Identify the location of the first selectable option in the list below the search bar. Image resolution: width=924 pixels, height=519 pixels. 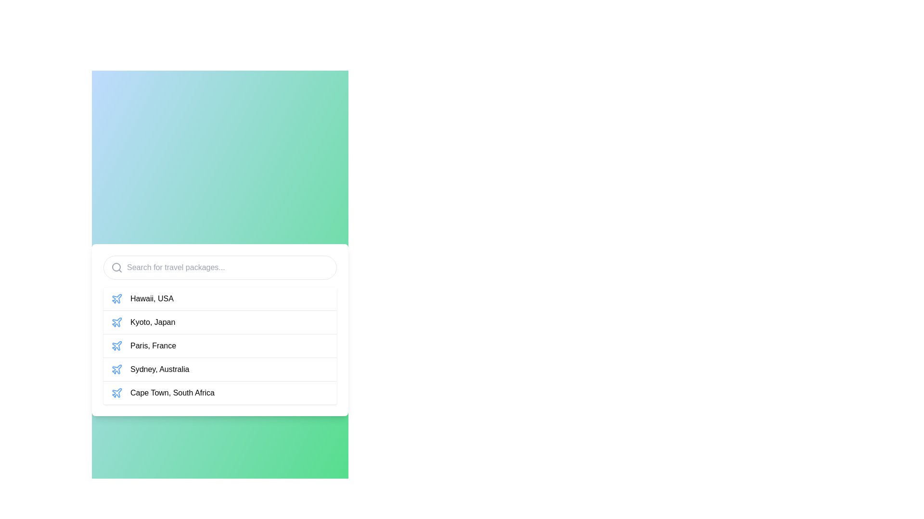
(219, 298).